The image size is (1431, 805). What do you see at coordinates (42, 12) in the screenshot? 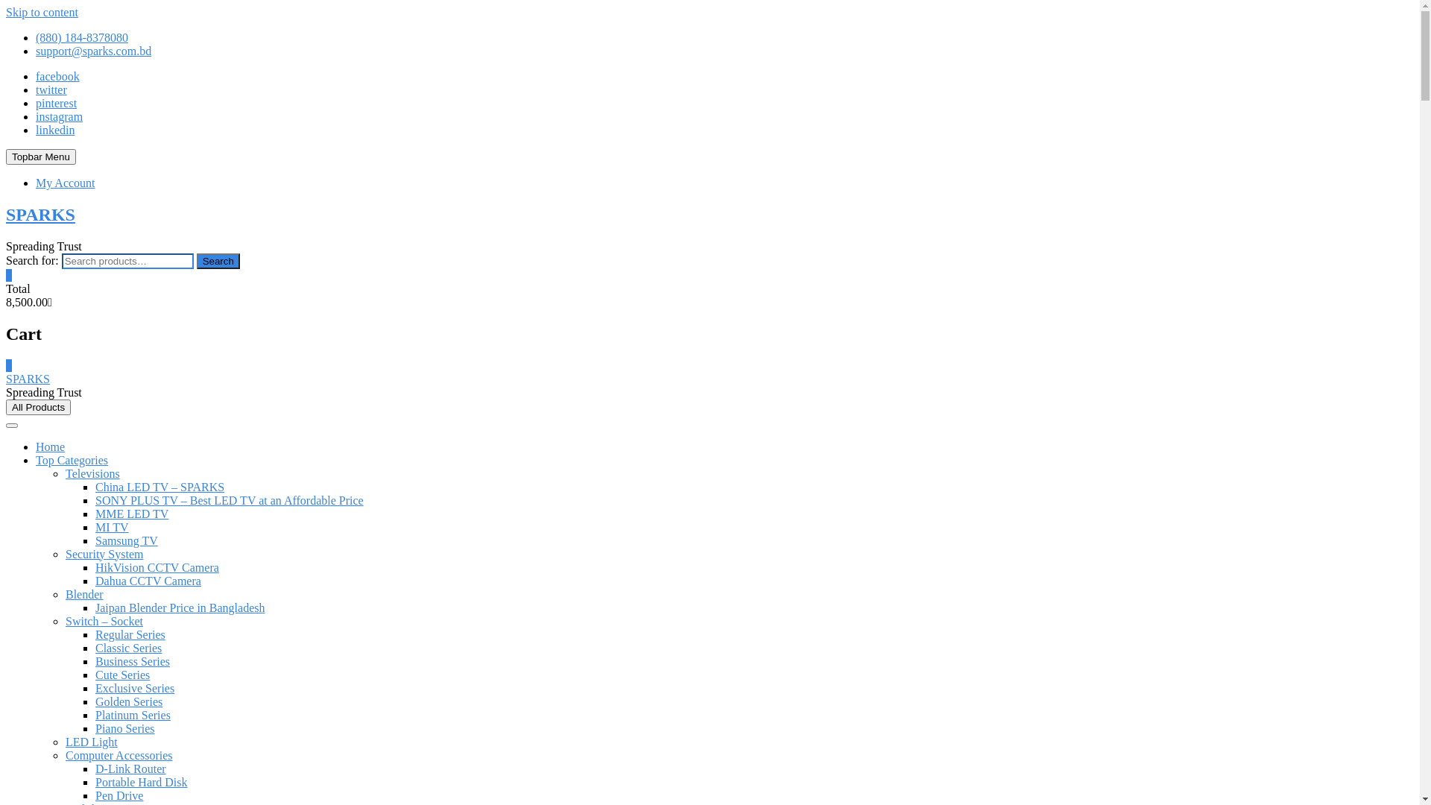
I see `'Skip to content'` at bounding box center [42, 12].